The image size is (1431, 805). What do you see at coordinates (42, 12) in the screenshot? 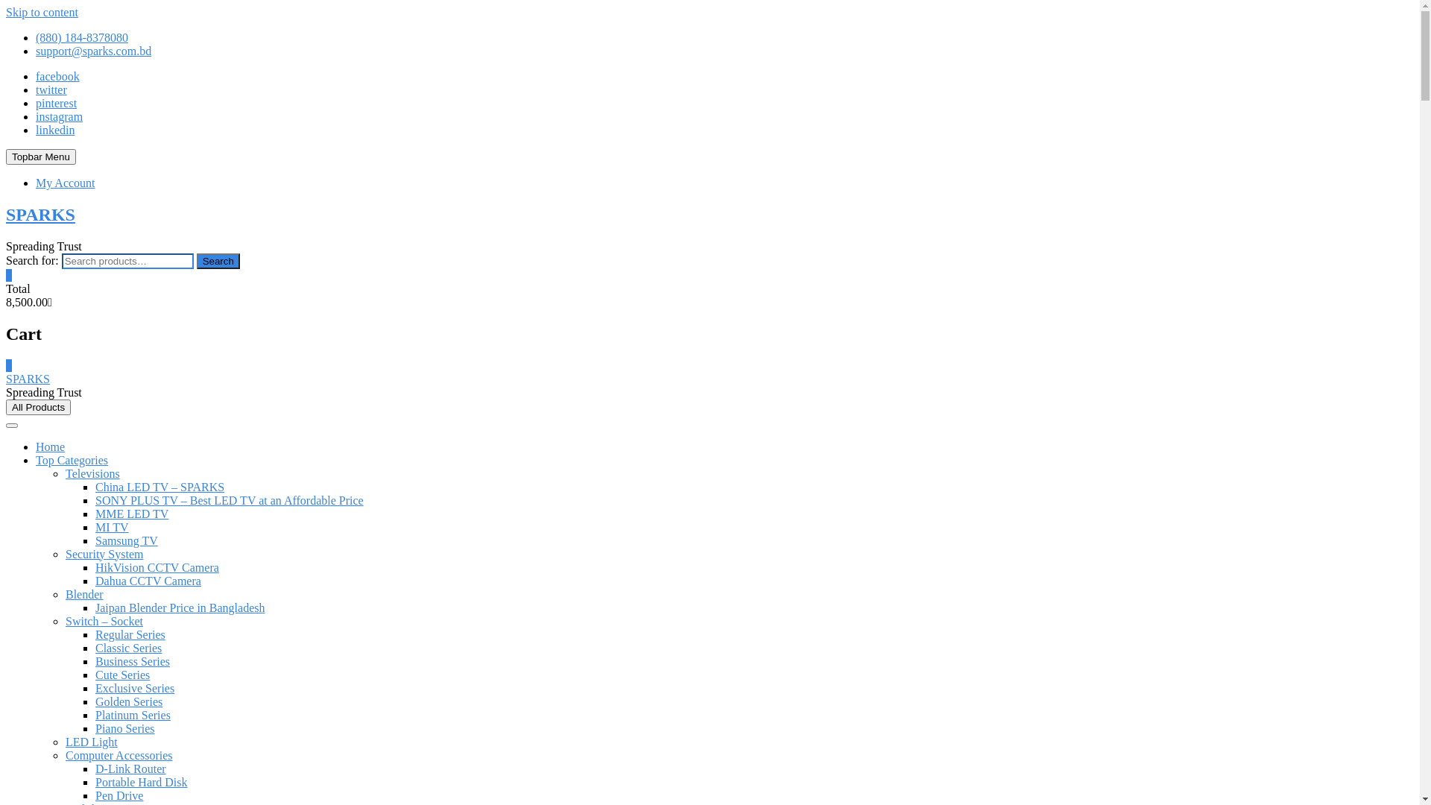
I see `'Skip to content'` at bounding box center [42, 12].